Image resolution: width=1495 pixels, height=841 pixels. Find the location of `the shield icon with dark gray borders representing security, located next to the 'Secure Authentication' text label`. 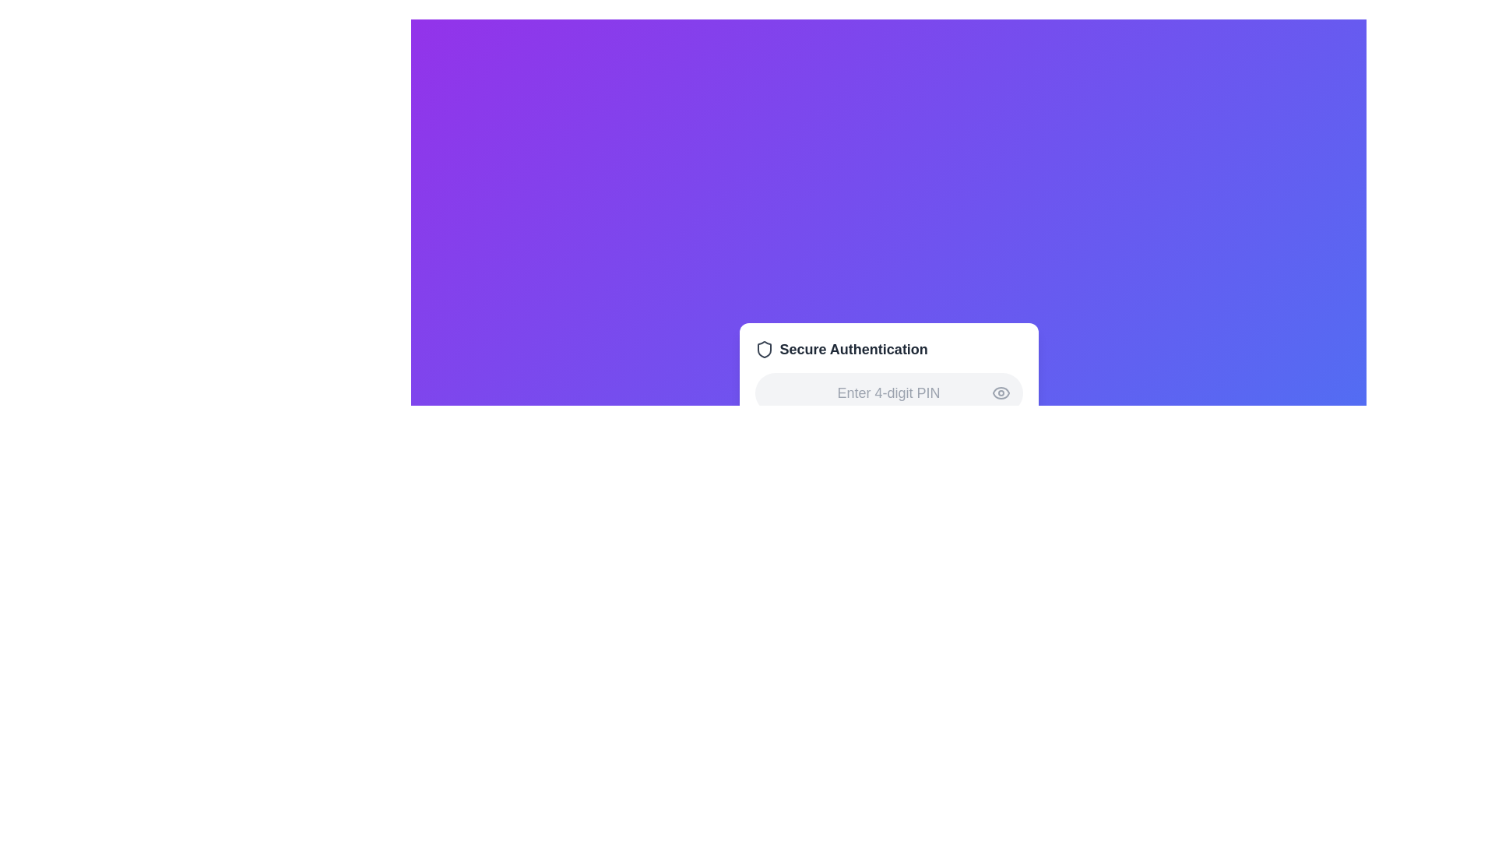

the shield icon with dark gray borders representing security, located next to the 'Secure Authentication' text label is located at coordinates (764, 348).